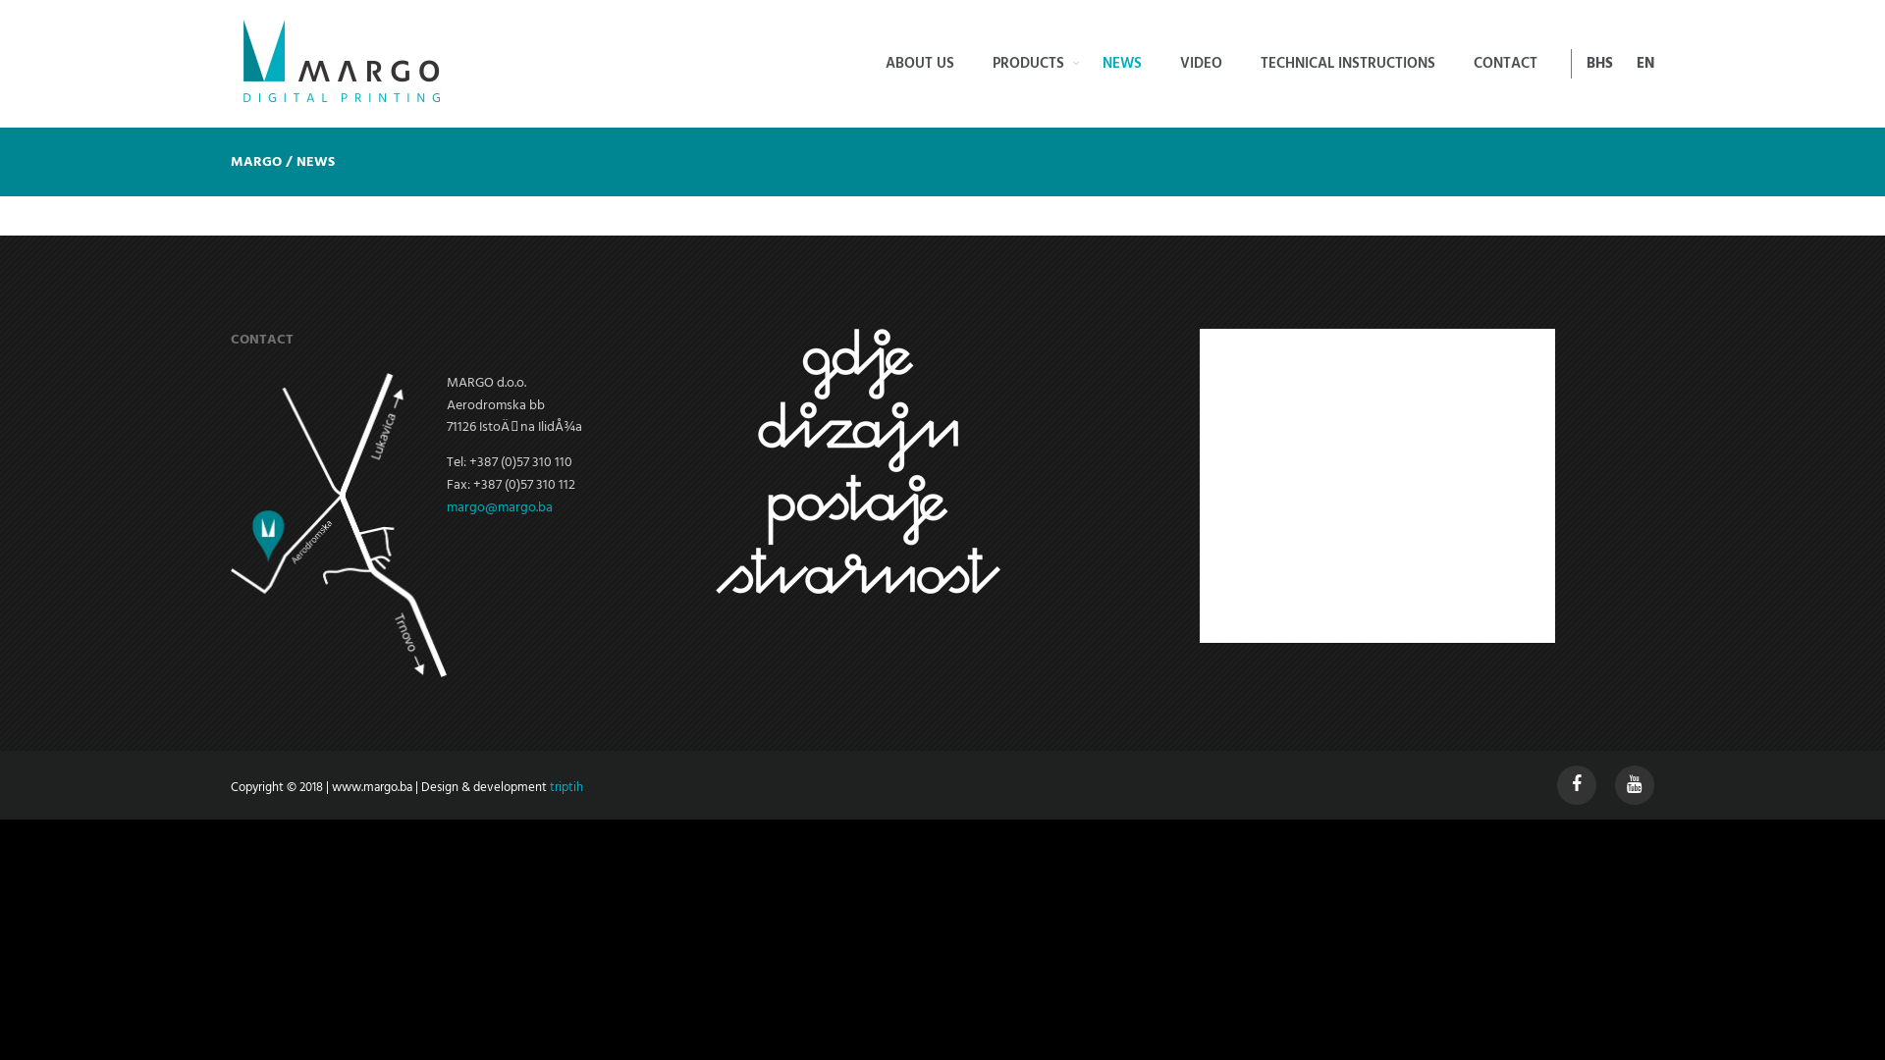 This screenshot has height=1060, width=1885. I want to click on 'NEWS', so click(1121, 63).